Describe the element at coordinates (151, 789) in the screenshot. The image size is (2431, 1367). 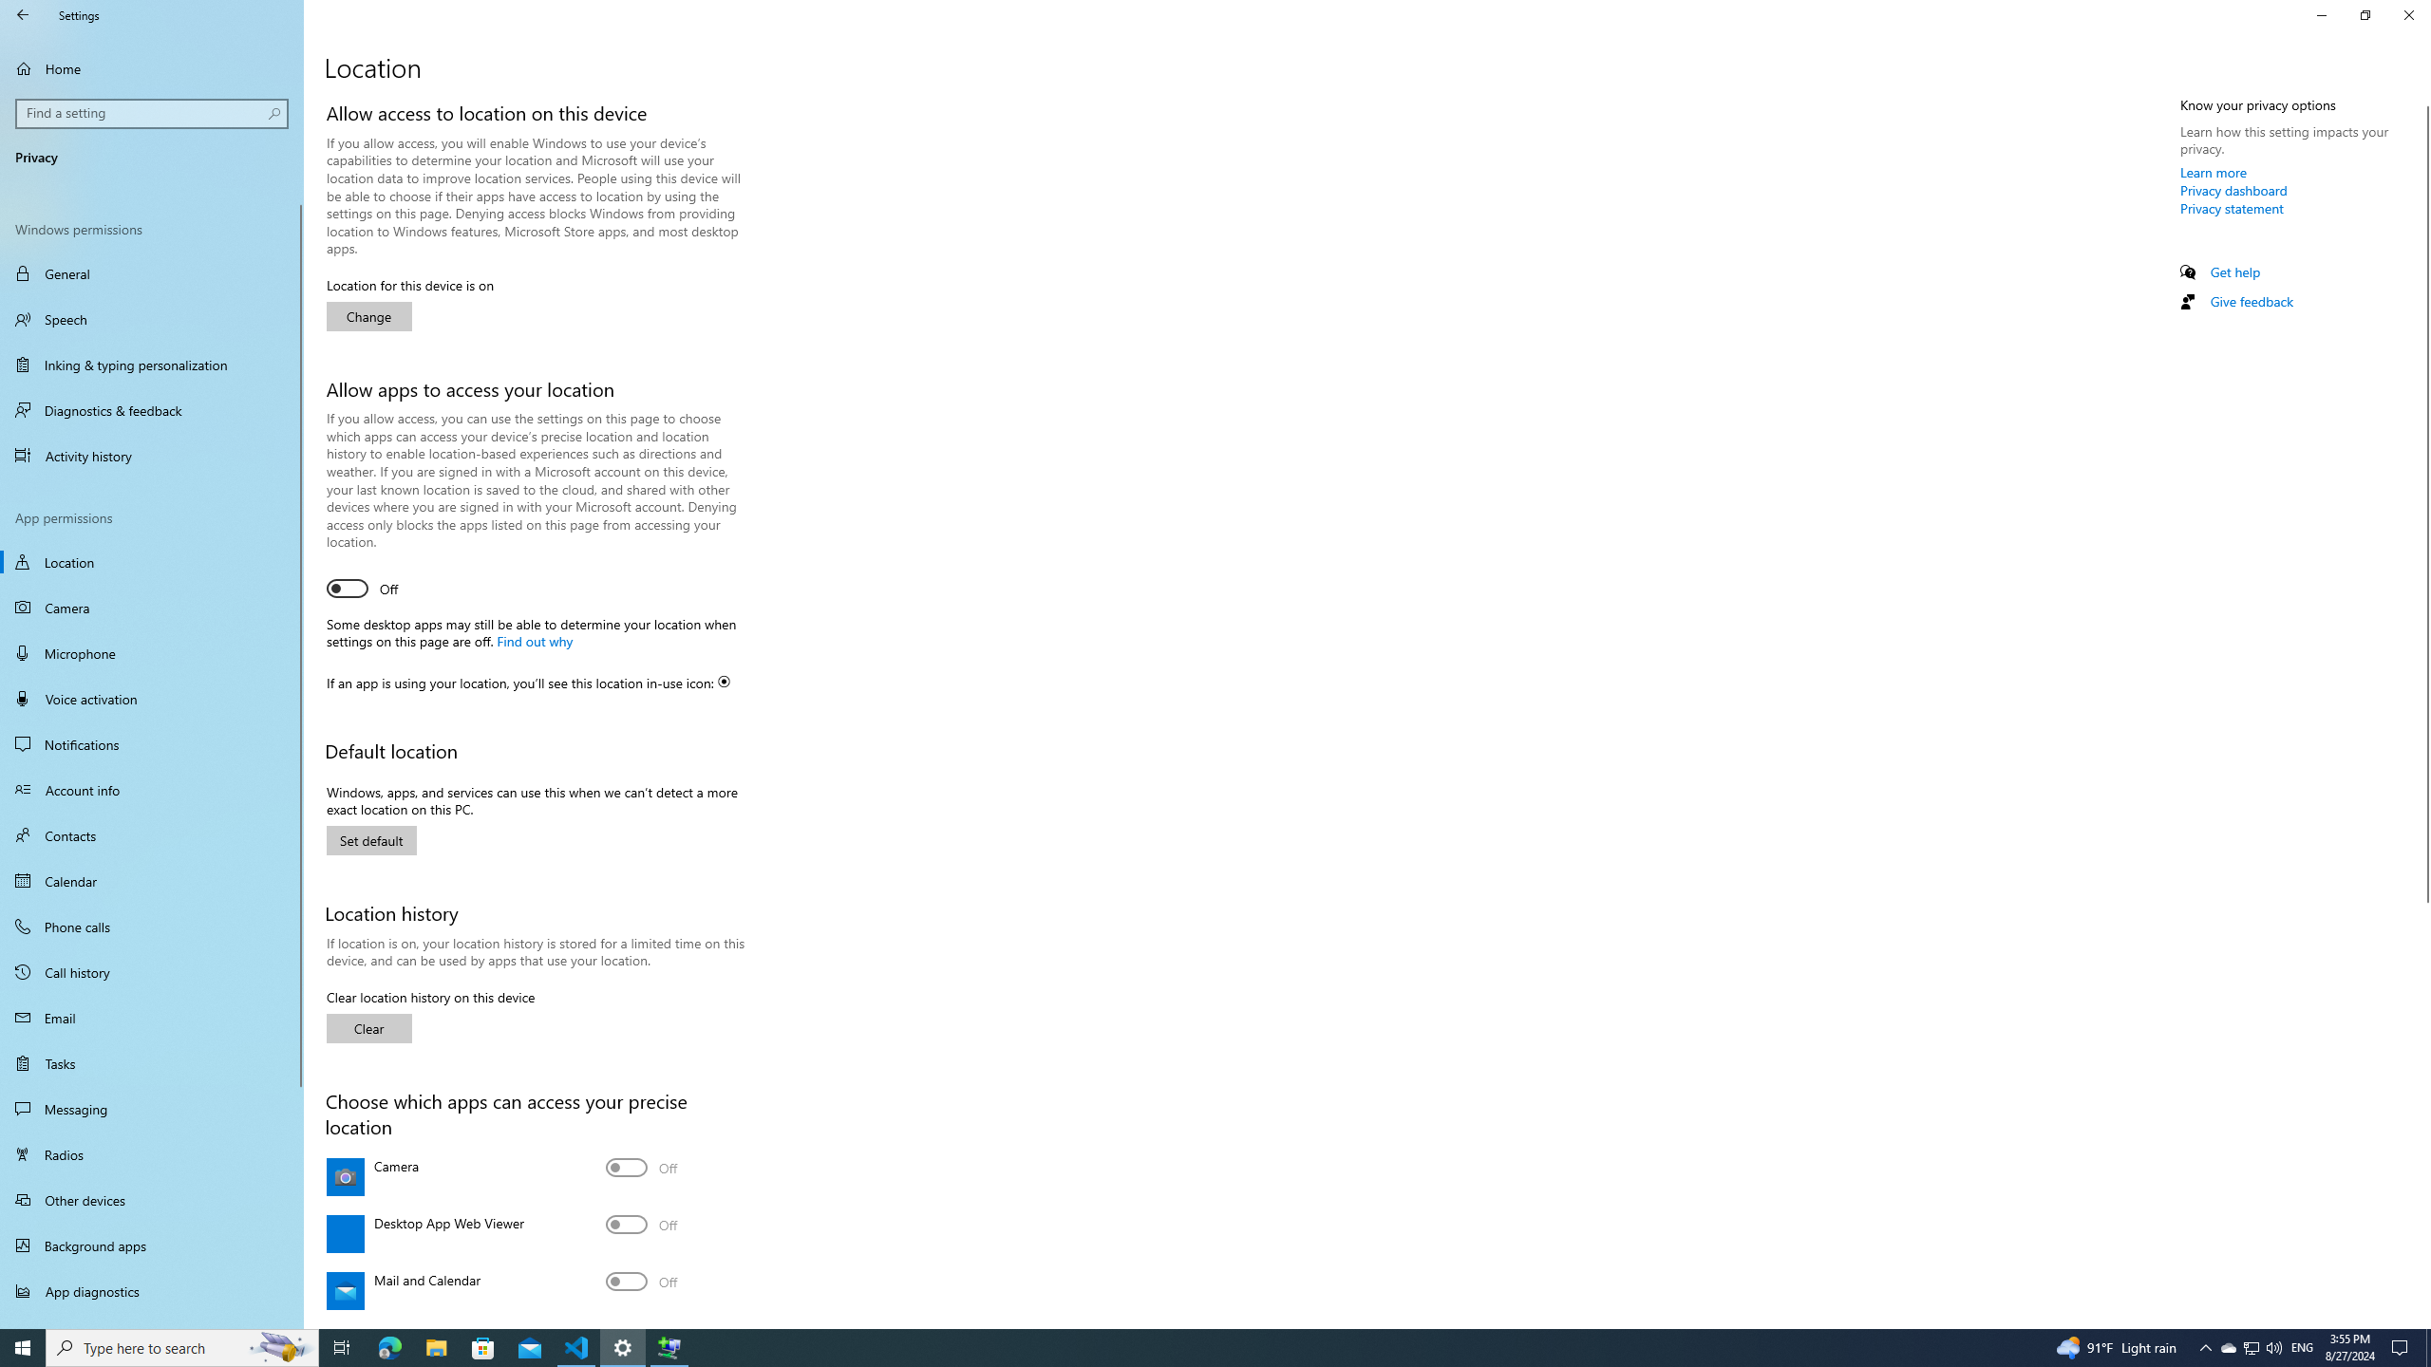
I see `'Account info'` at that location.